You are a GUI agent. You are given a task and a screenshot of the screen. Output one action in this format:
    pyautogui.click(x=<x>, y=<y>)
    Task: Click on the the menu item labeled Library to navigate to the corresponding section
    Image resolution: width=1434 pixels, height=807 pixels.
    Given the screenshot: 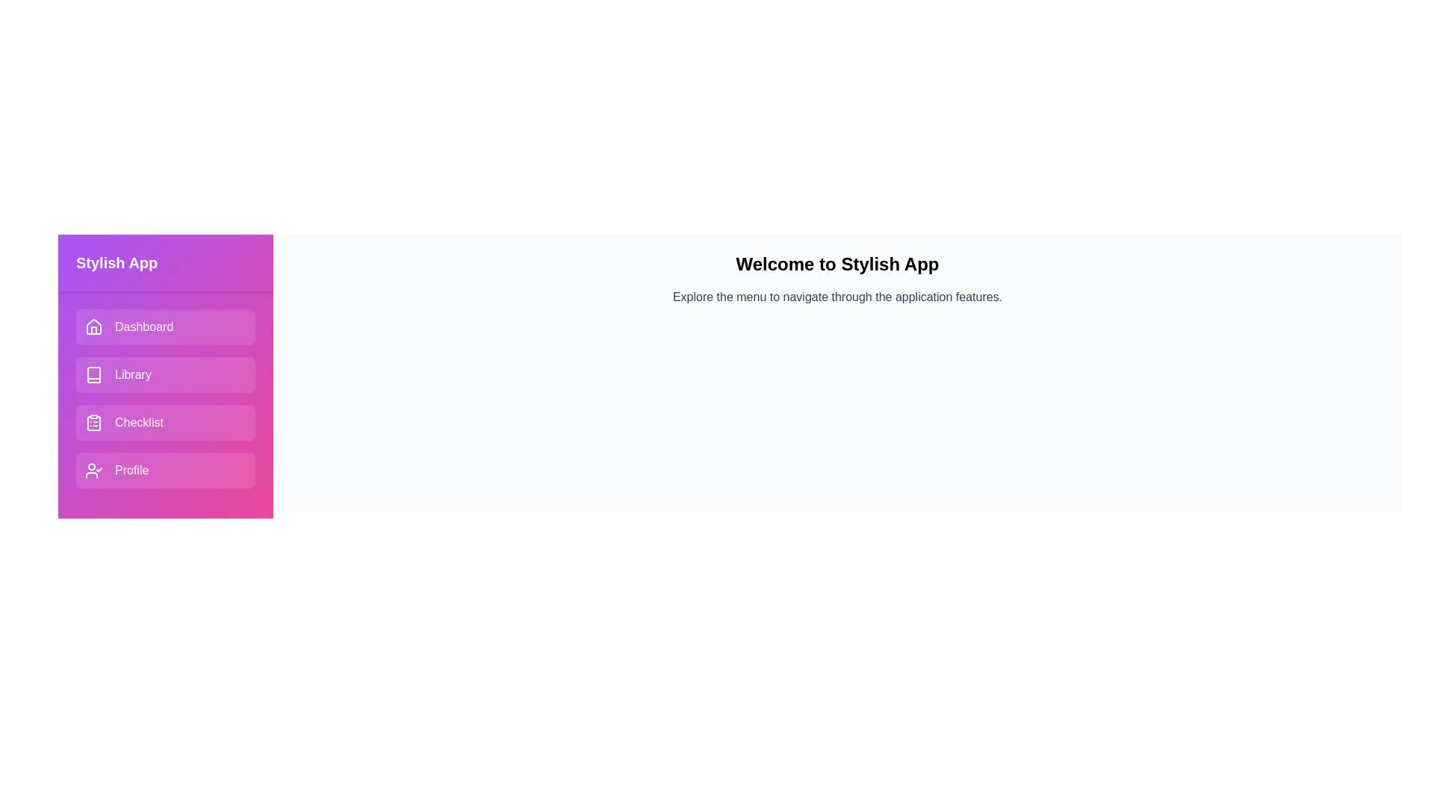 What is the action you would take?
    pyautogui.click(x=165, y=374)
    